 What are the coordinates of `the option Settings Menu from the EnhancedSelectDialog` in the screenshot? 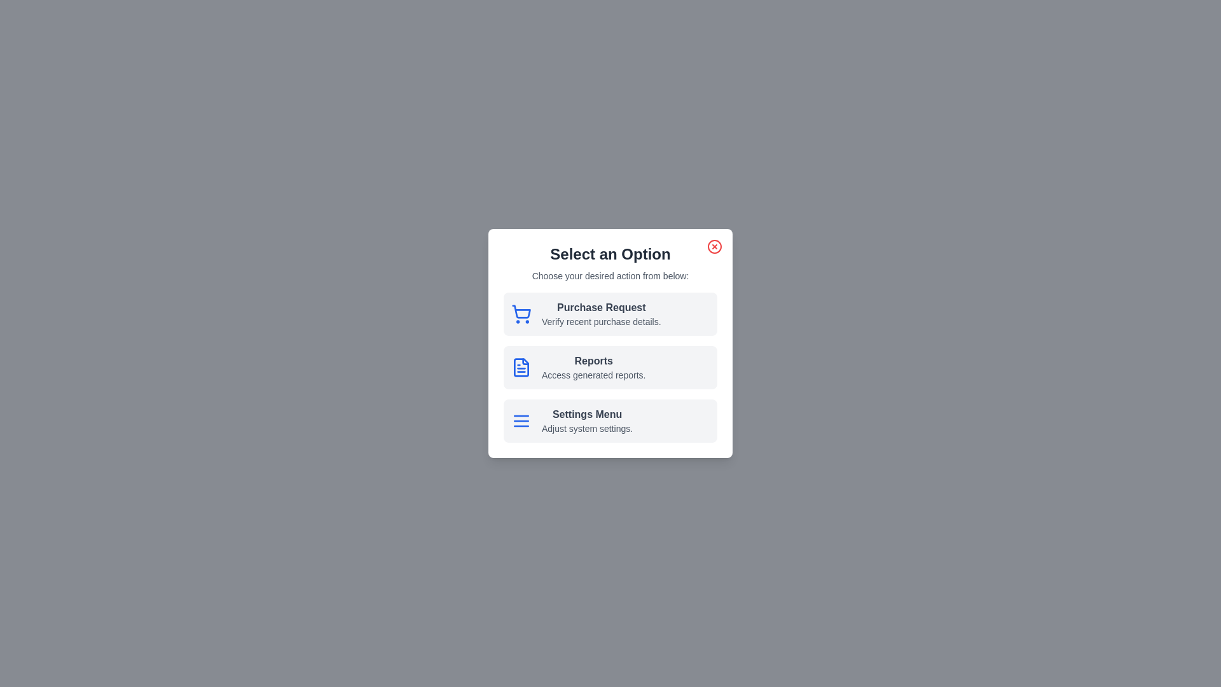 It's located at (610, 421).